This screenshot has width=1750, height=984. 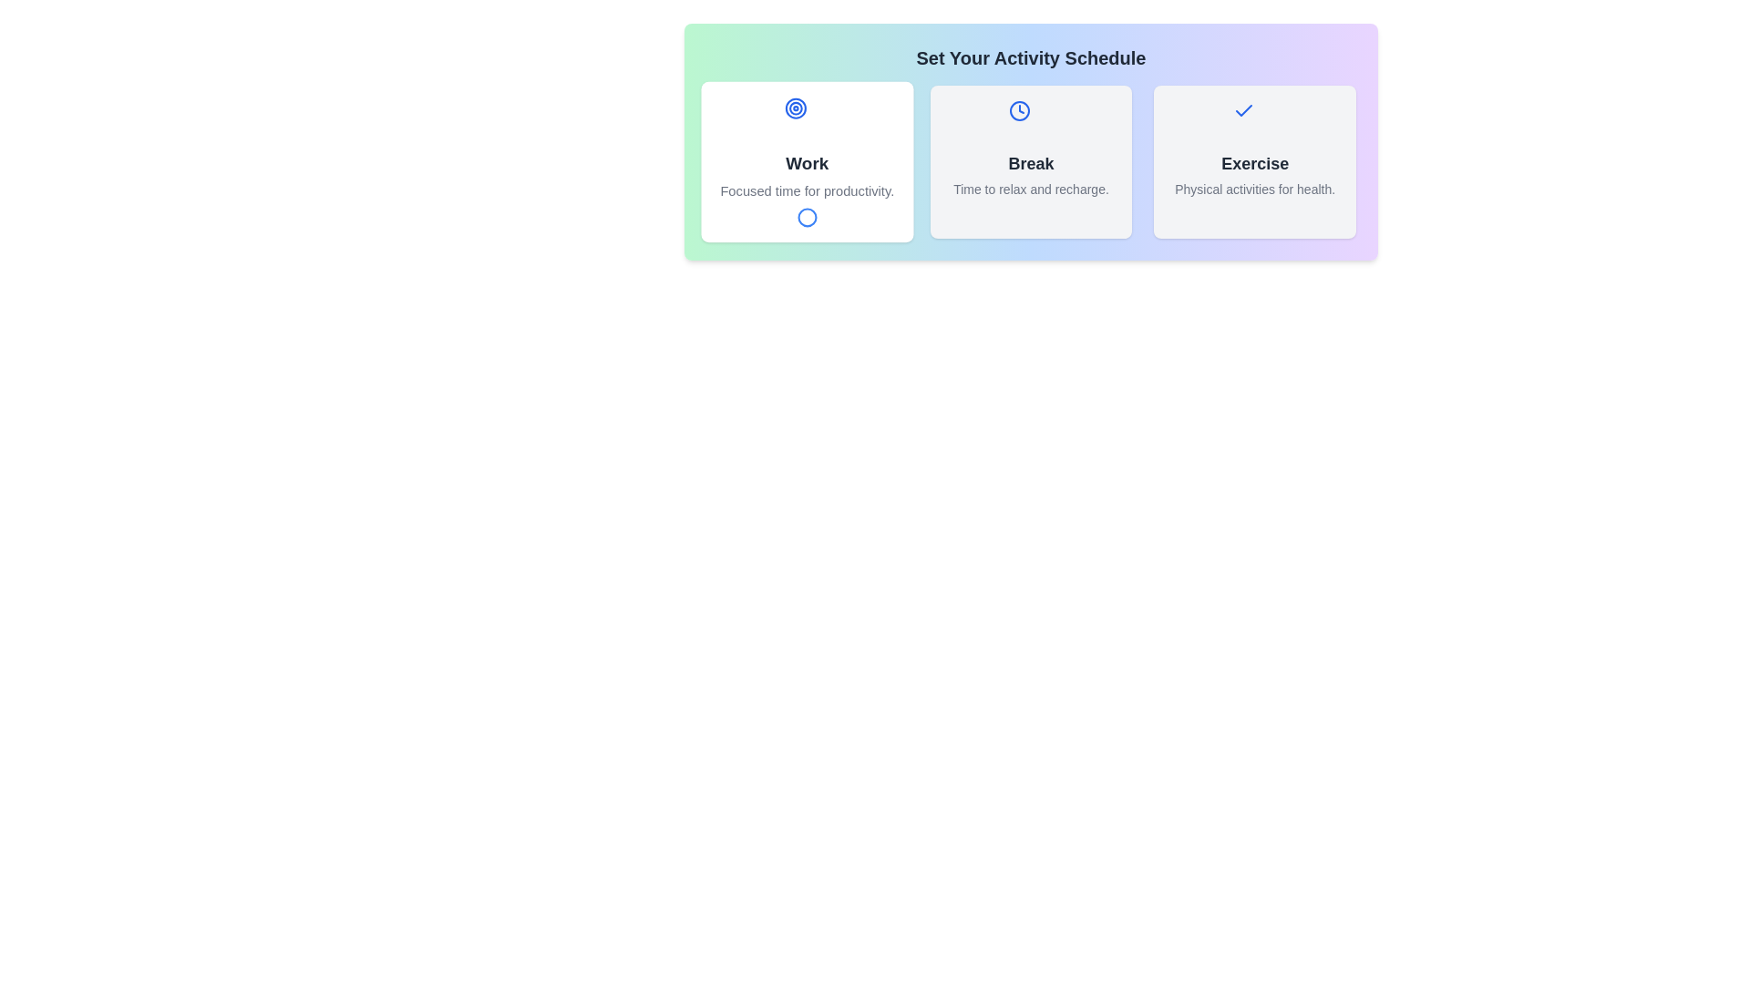 I want to click on the middle circle of the concentric circle target icon located in the leftmost card under the 'Set Your Activity Schedule' title, so click(x=796, y=108).